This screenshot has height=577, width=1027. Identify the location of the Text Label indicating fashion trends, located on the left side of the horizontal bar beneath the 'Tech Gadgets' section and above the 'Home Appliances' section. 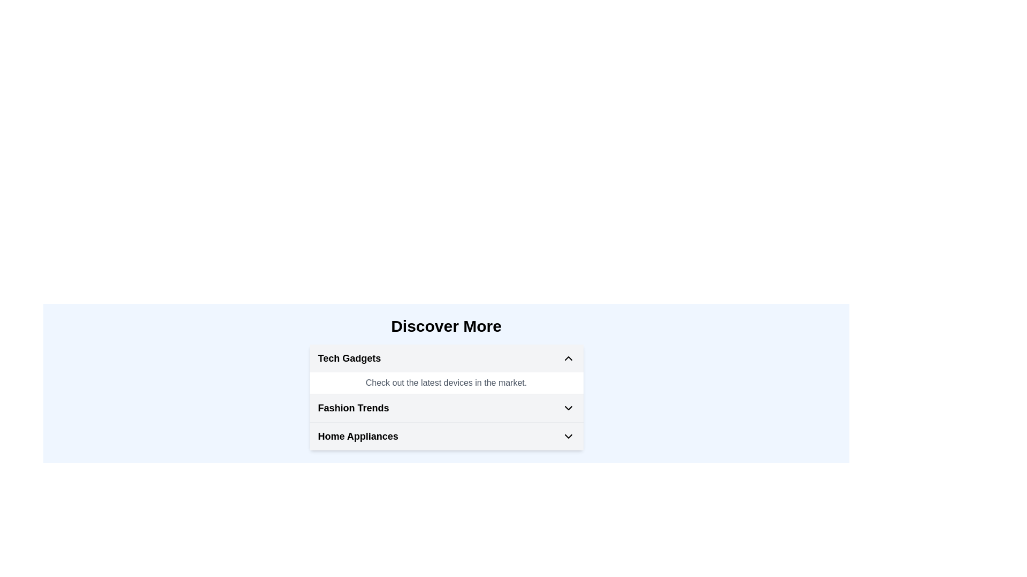
(354, 408).